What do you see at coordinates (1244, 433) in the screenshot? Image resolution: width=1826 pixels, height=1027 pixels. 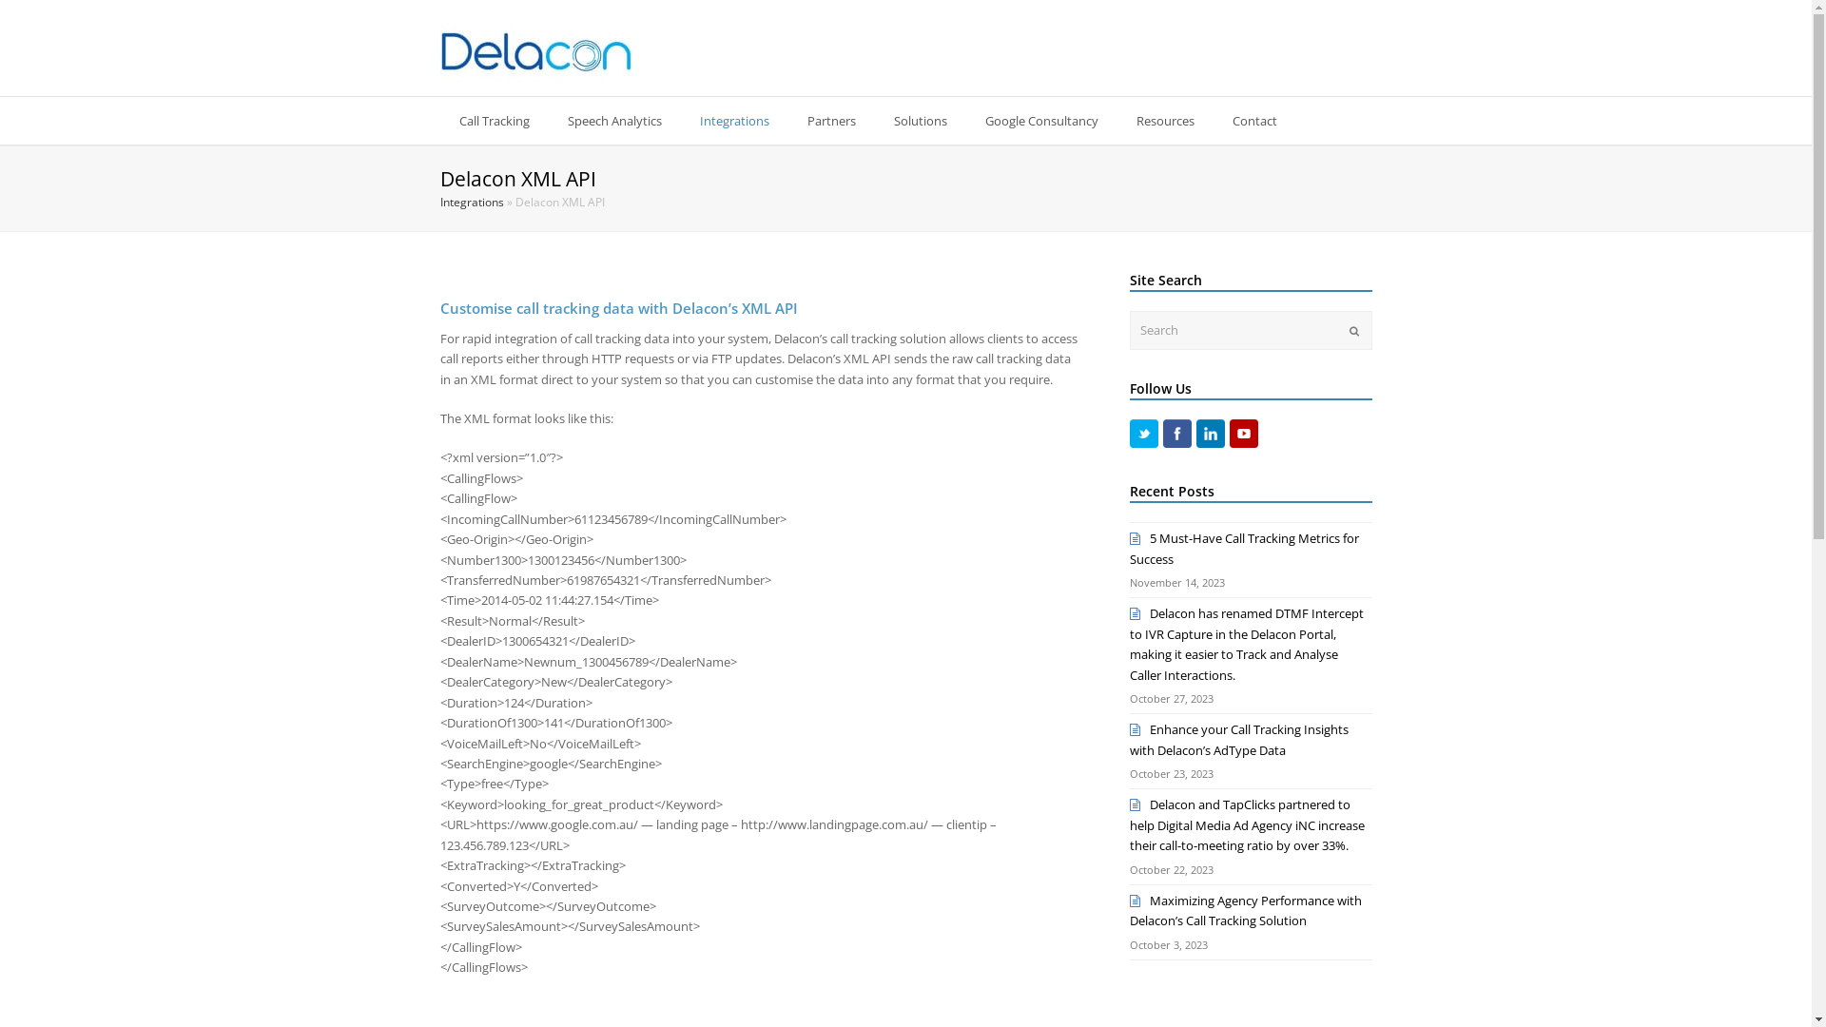 I see `'Youtube'` at bounding box center [1244, 433].